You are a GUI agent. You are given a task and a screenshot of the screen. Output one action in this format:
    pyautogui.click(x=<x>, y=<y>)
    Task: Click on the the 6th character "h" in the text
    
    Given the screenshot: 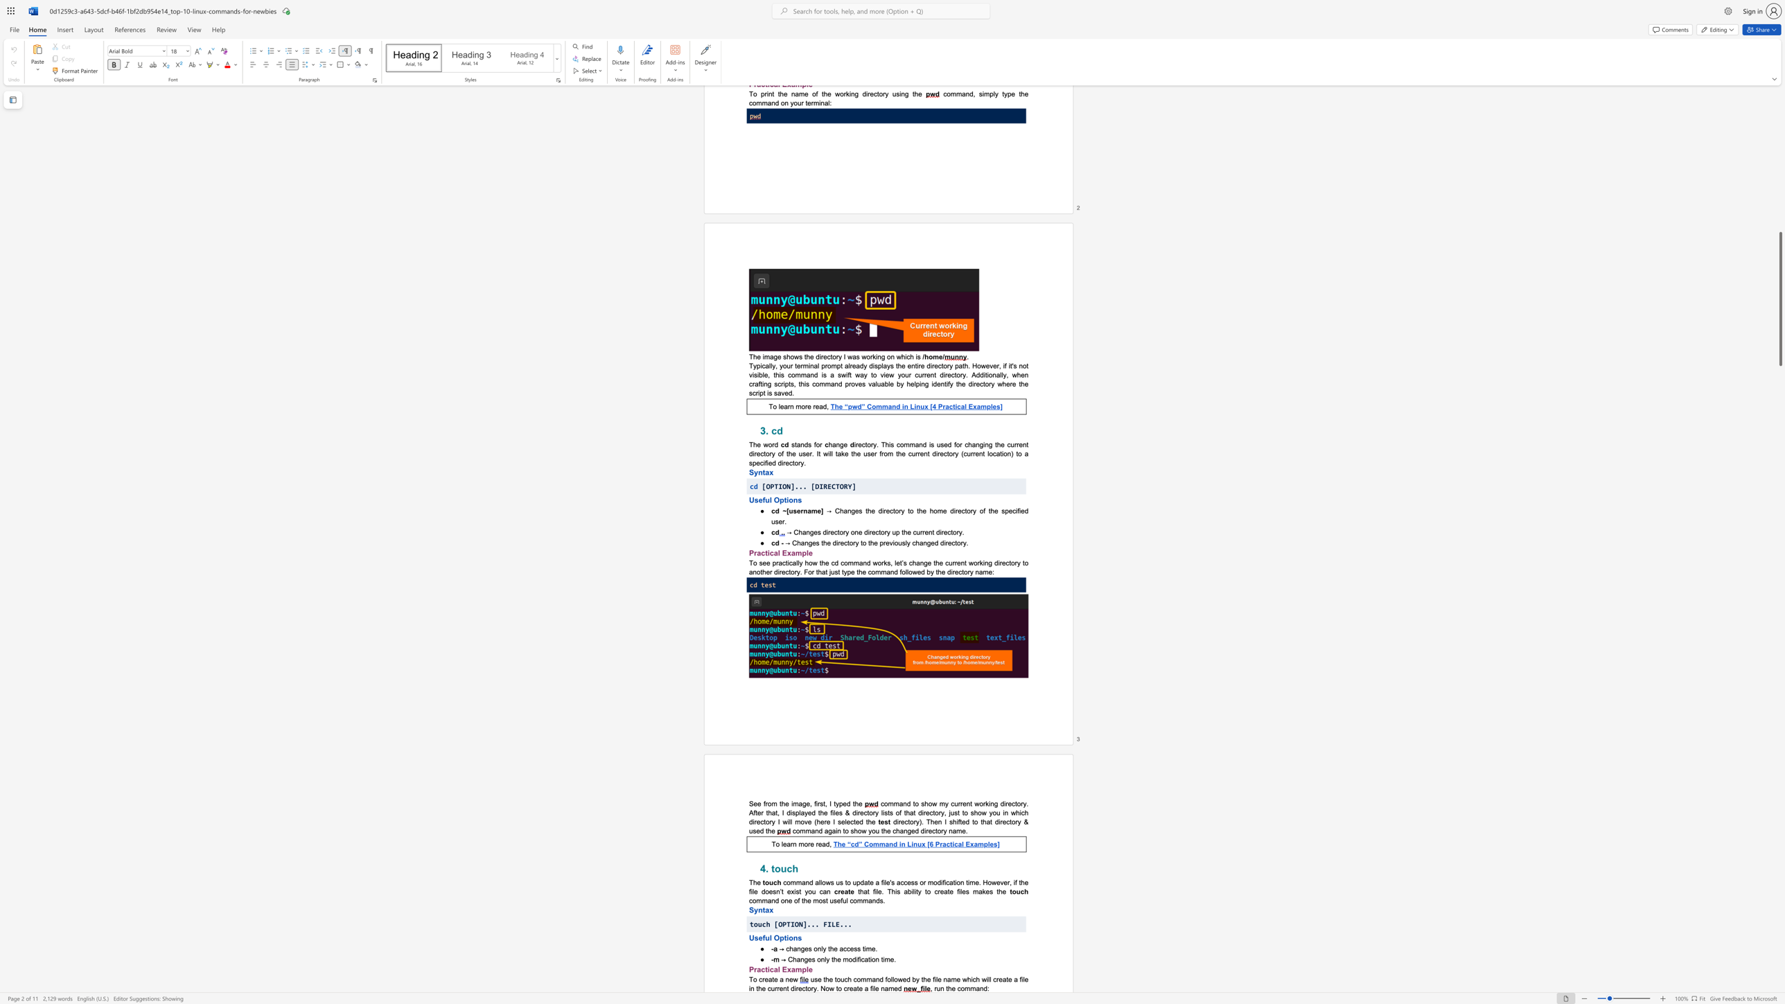 What is the action you would take?
    pyautogui.click(x=759, y=988)
    